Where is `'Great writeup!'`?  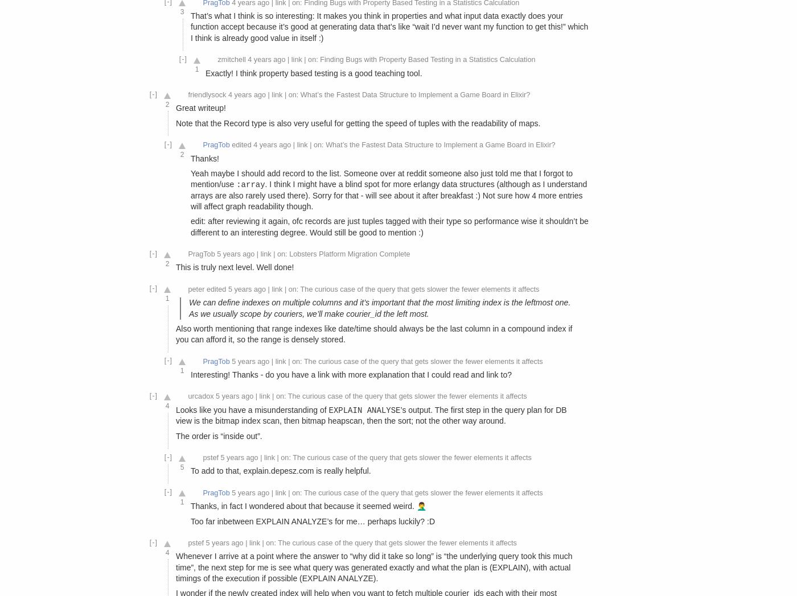
'Great writeup!' is located at coordinates (200, 107).